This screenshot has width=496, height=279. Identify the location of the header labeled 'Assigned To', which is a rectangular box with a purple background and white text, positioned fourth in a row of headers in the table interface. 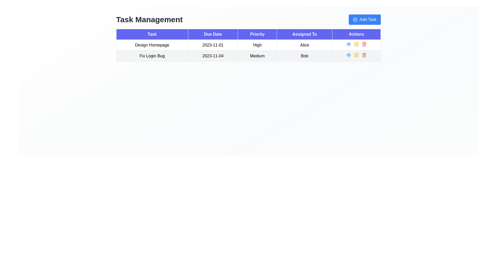
(305, 34).